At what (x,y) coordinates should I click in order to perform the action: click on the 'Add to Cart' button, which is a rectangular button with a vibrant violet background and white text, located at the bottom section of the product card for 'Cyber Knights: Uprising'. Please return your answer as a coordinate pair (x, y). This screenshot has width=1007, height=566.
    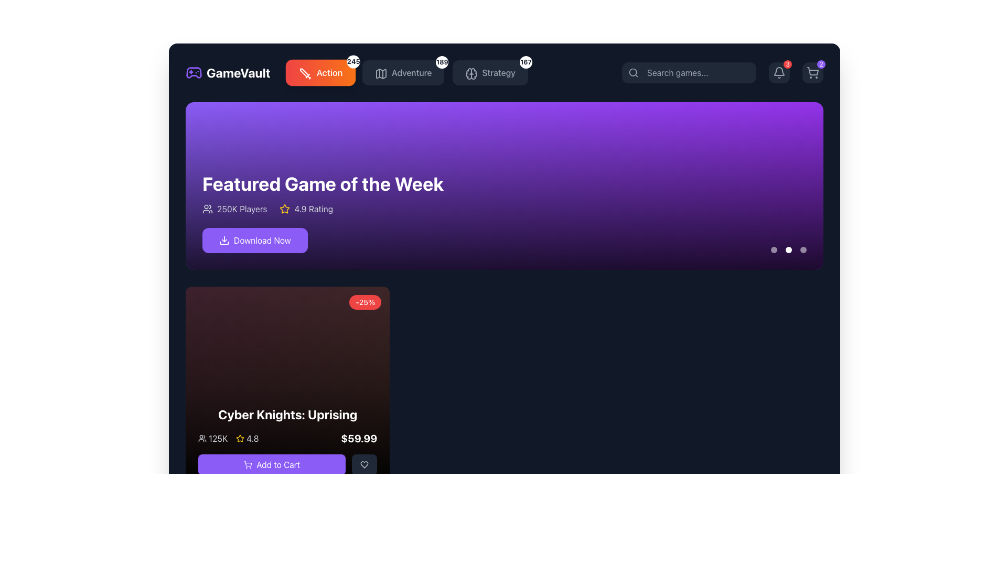
    Looking at the image, I should click on (287, 464).